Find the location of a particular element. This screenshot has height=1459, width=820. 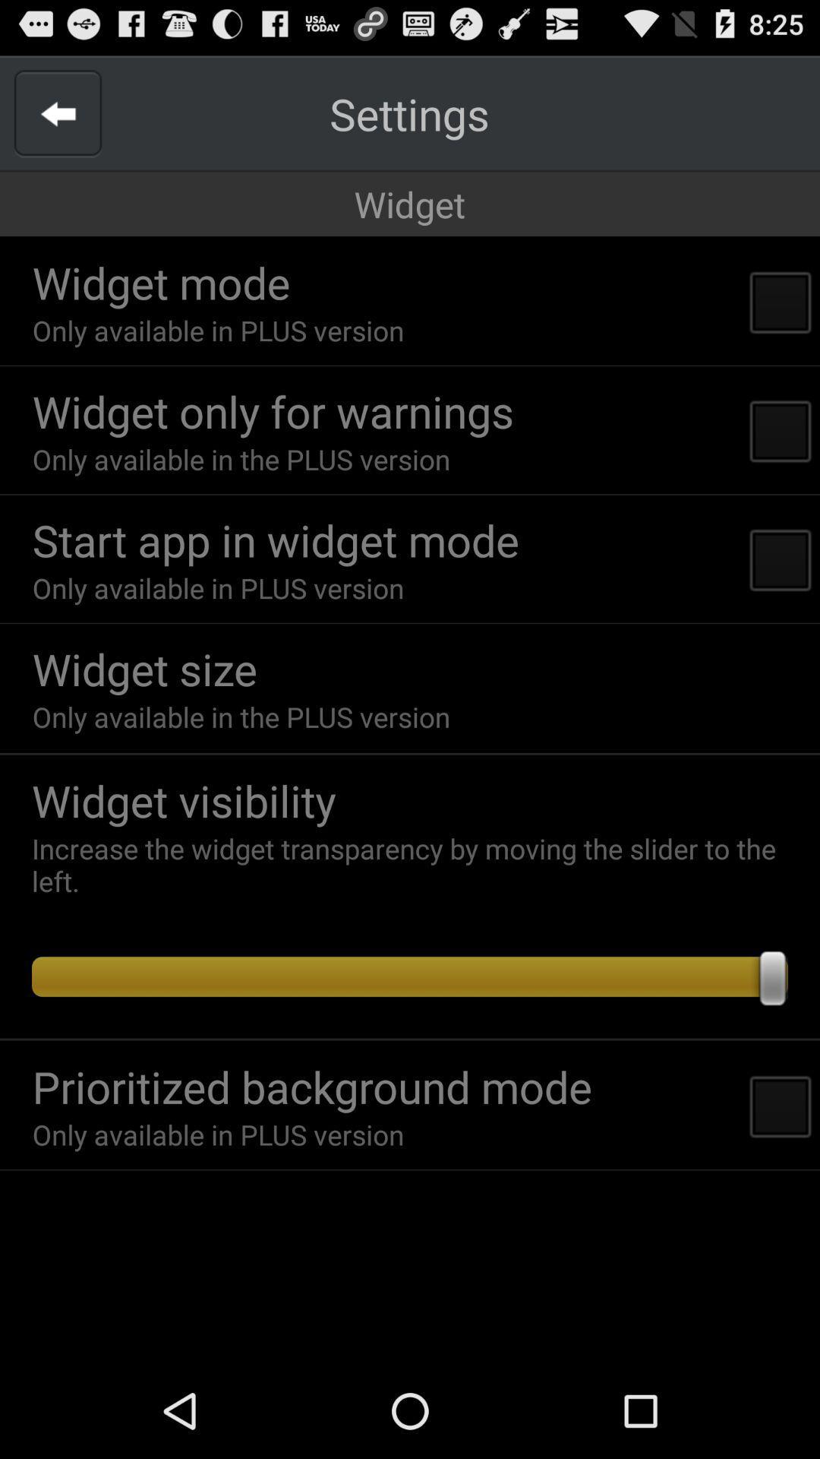

widget visibility item is located at coordinates (418, 799).